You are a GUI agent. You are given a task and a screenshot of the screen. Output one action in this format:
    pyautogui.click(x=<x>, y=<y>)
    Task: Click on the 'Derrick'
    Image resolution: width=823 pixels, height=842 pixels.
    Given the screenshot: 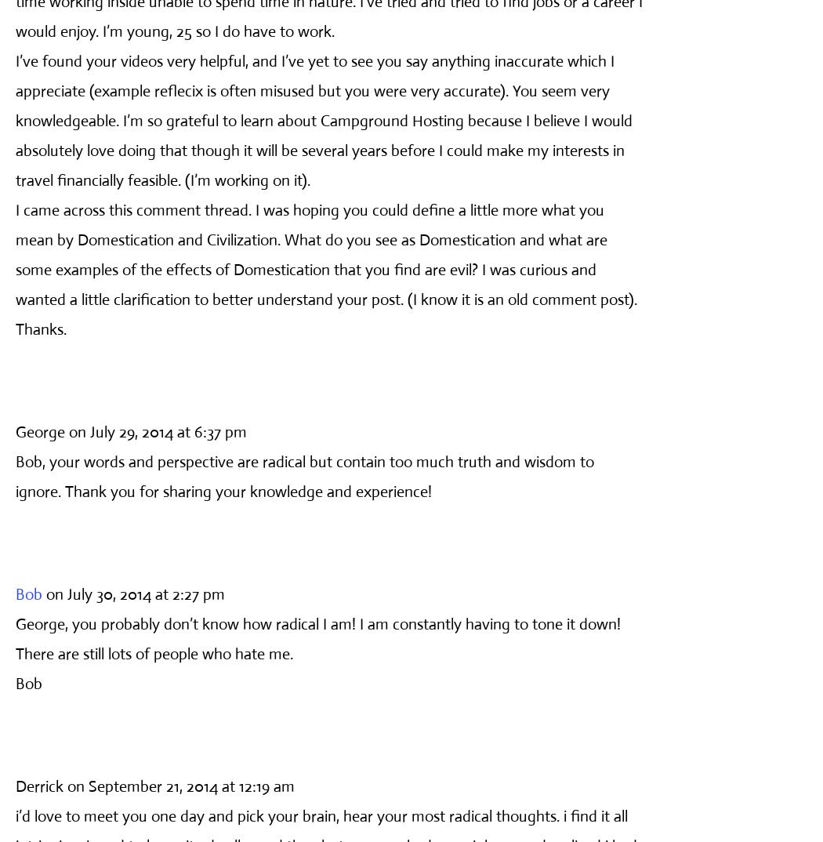 What is the action you would take?
    pyautogui.click(x=38, y=785)
    